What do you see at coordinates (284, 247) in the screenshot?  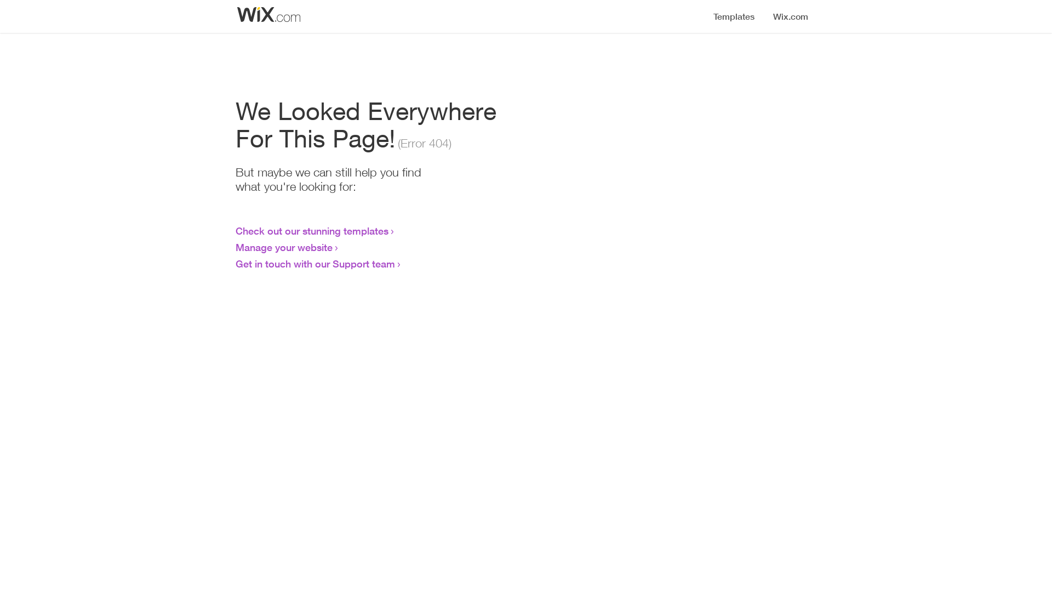 I see `'Manage your website'` at bounding box center [284, 247].